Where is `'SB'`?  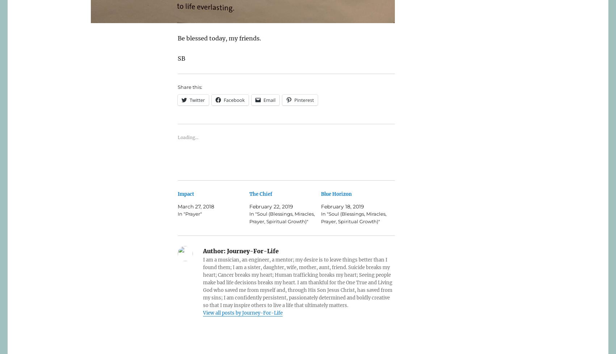 'SB' is located at coordinates (181, 58).